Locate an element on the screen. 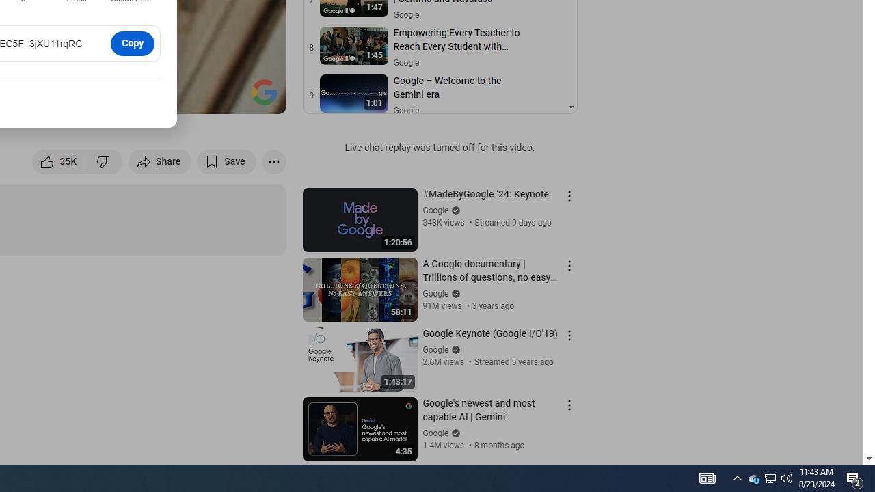 The height and width of the screenshot is (492, 875). 'Verified' is located at coordinates (454, 433).